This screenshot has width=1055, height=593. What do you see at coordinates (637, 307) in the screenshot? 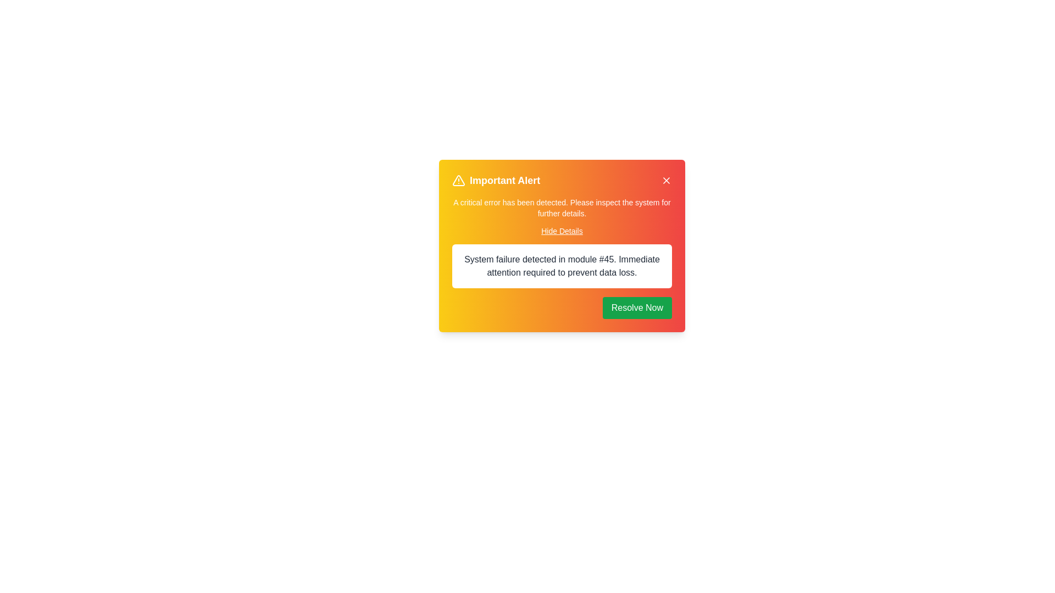
I see `'Resolve Now' button to proceed with resolving the issue` at bounding box center [637, 307].